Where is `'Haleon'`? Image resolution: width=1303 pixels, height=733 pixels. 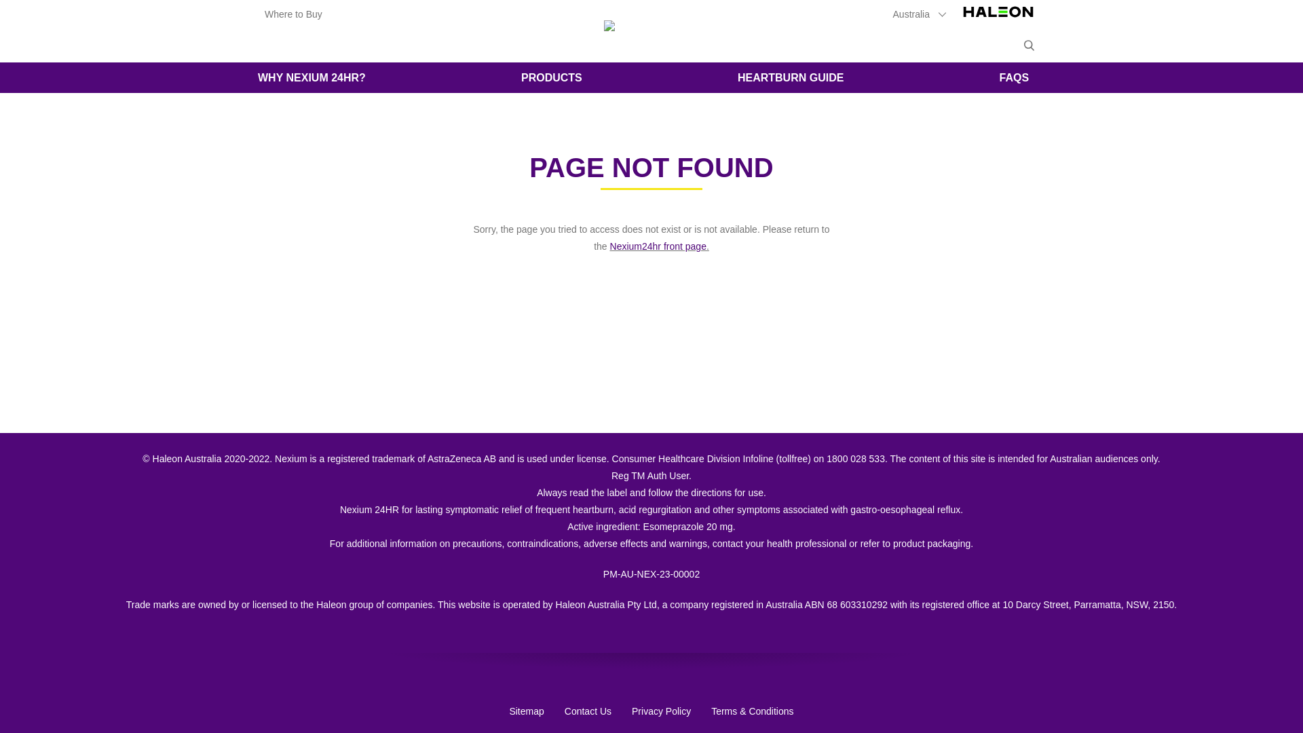 'Haleon' is located at coordinates (957, 18).